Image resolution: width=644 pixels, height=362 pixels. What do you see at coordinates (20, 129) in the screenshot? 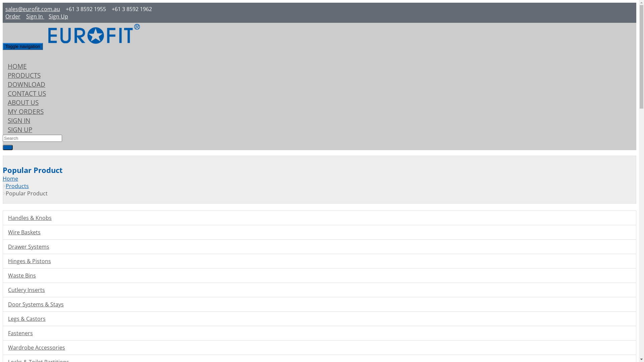
I see `'SIGN UP'` at bounding box center [20, 129].